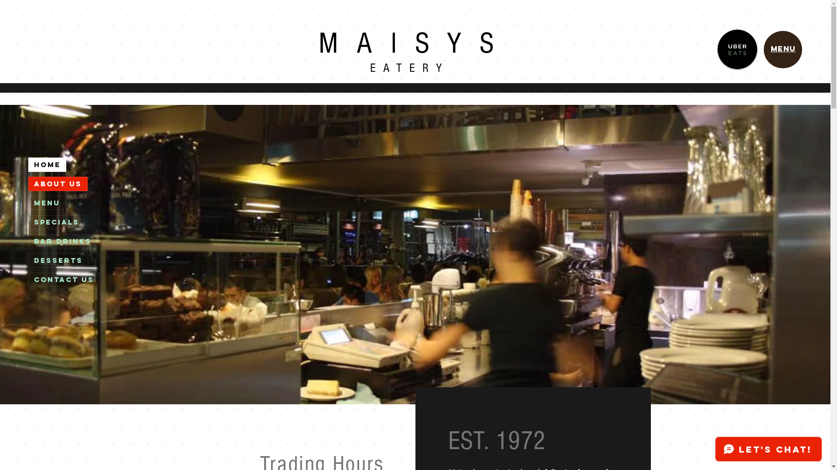 The height and width of the screenshot is (470, 837). I want to click on 'Contact Us', so click(64, 279).